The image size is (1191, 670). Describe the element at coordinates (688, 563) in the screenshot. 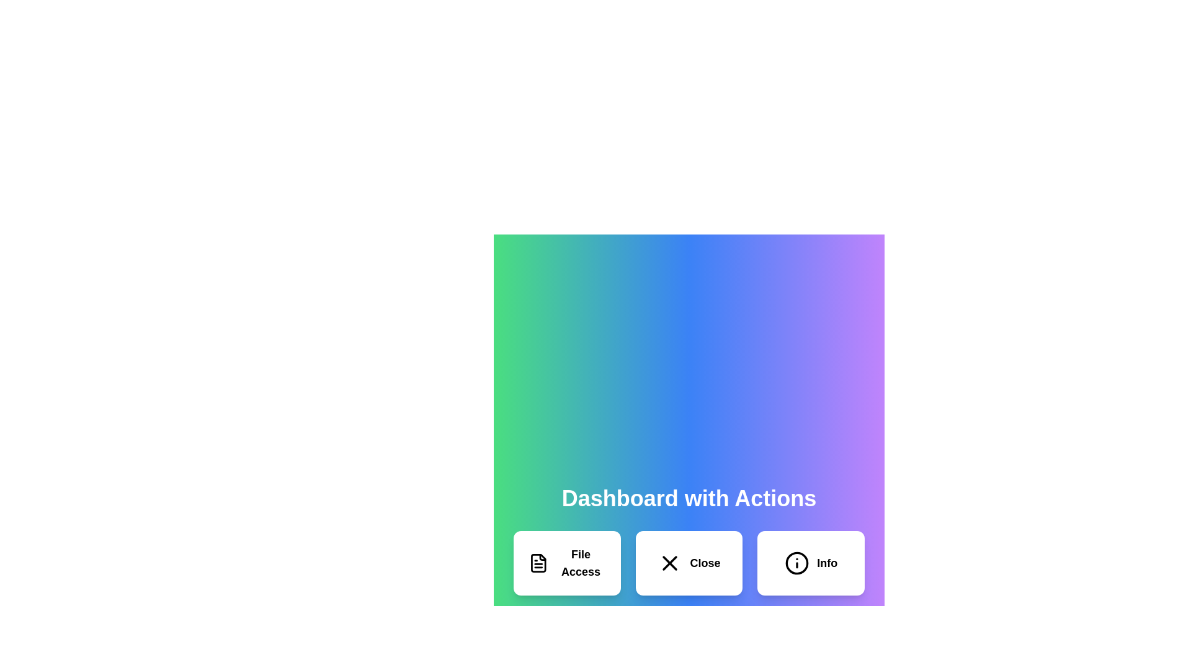

I see `the 'Close' button, which is a rectangular button with a white background, black text, and an 'X' icon, positioned centrally between 'File Access' and 'Info'` at that location.